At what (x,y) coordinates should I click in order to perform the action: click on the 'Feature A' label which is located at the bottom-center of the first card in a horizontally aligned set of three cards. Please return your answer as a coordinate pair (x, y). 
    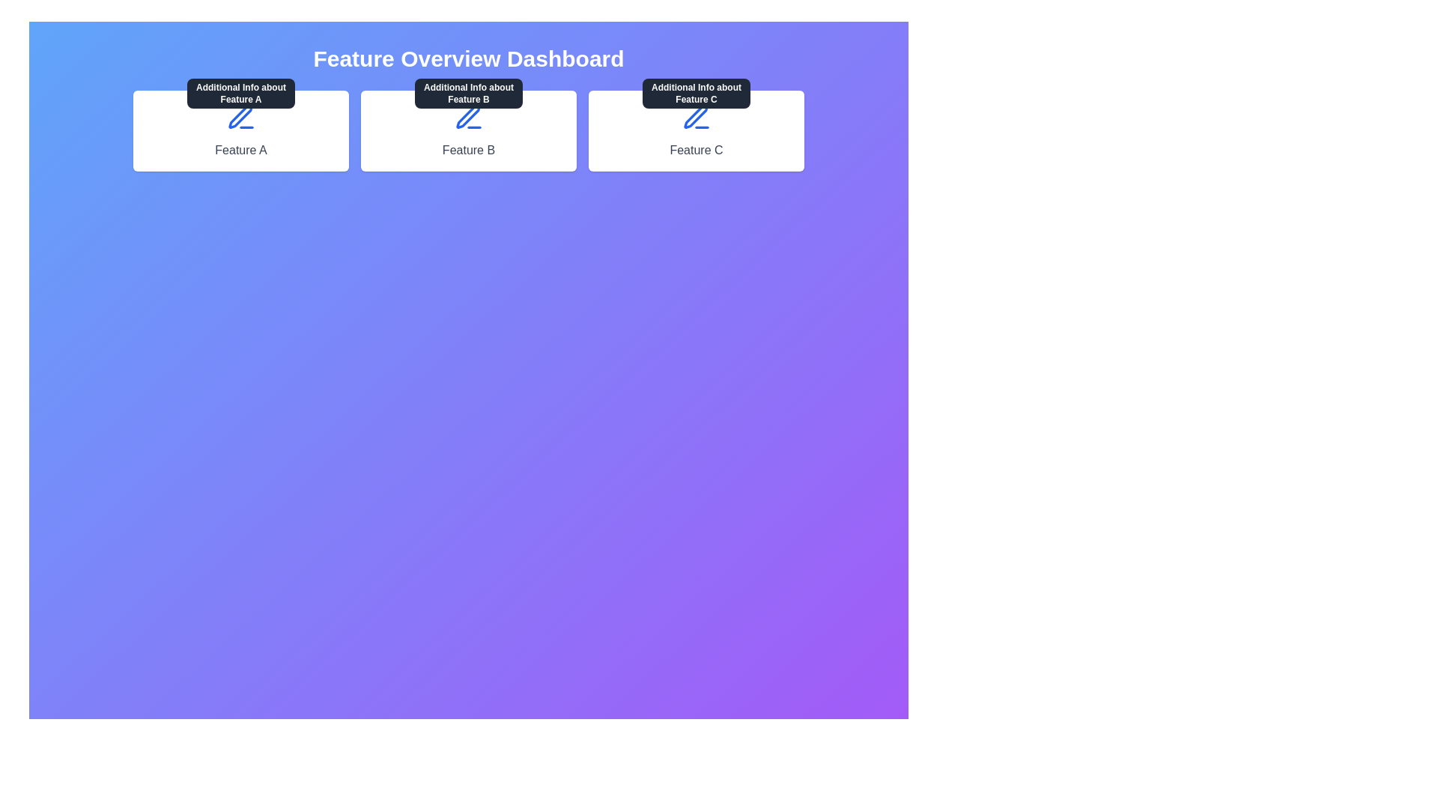
    Looking at the image, I should click on (240, 150).